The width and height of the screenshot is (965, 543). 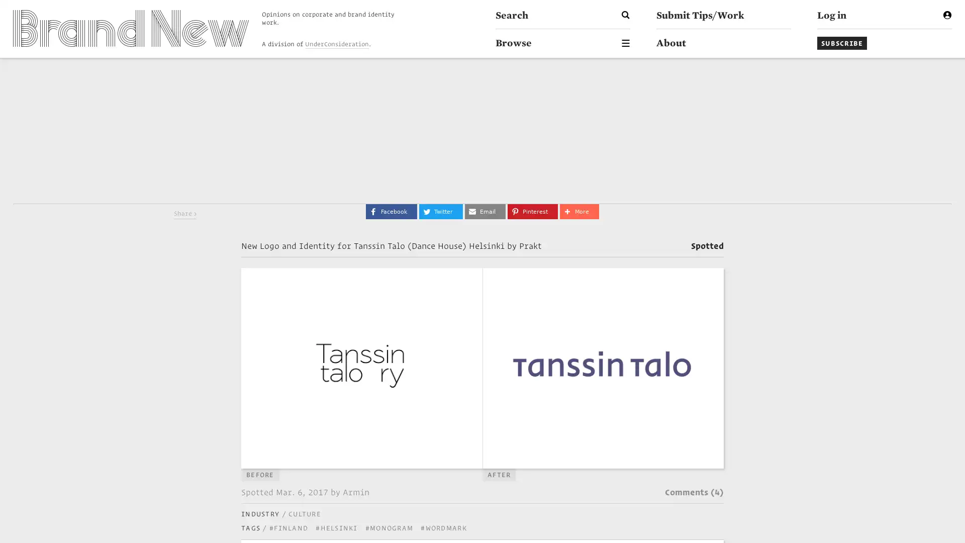 I want to click on Share to Pinterest Pinterest, so click(x=532, y=211).